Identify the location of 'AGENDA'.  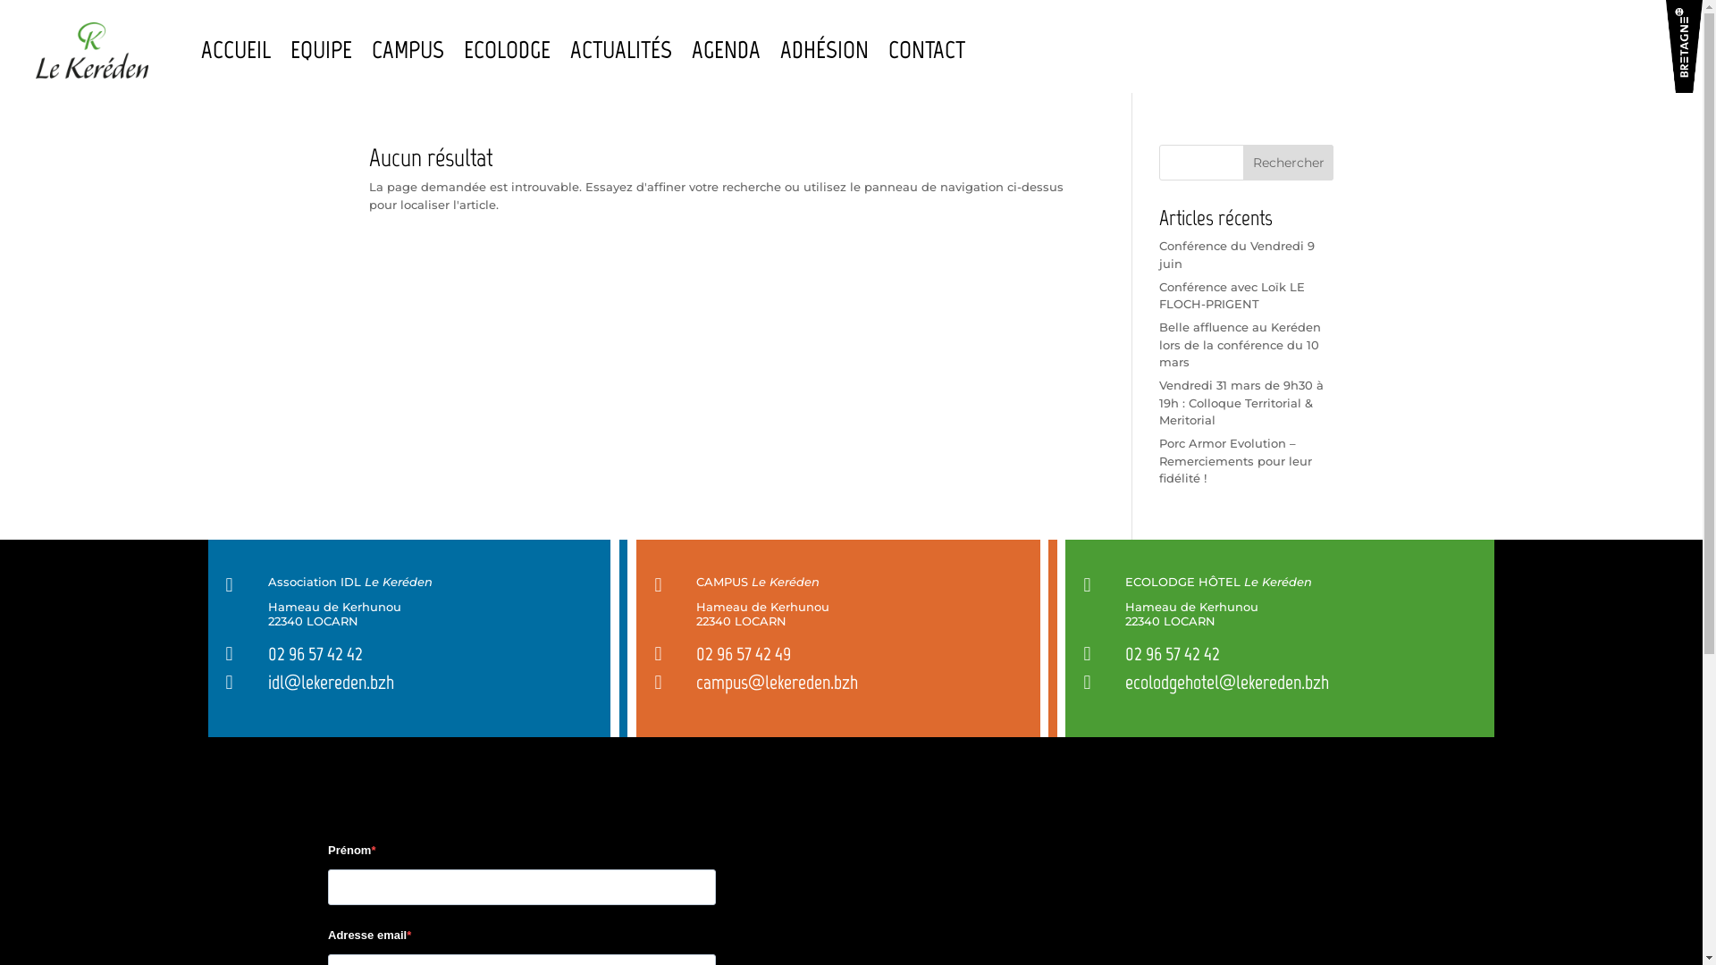
(726, 49).